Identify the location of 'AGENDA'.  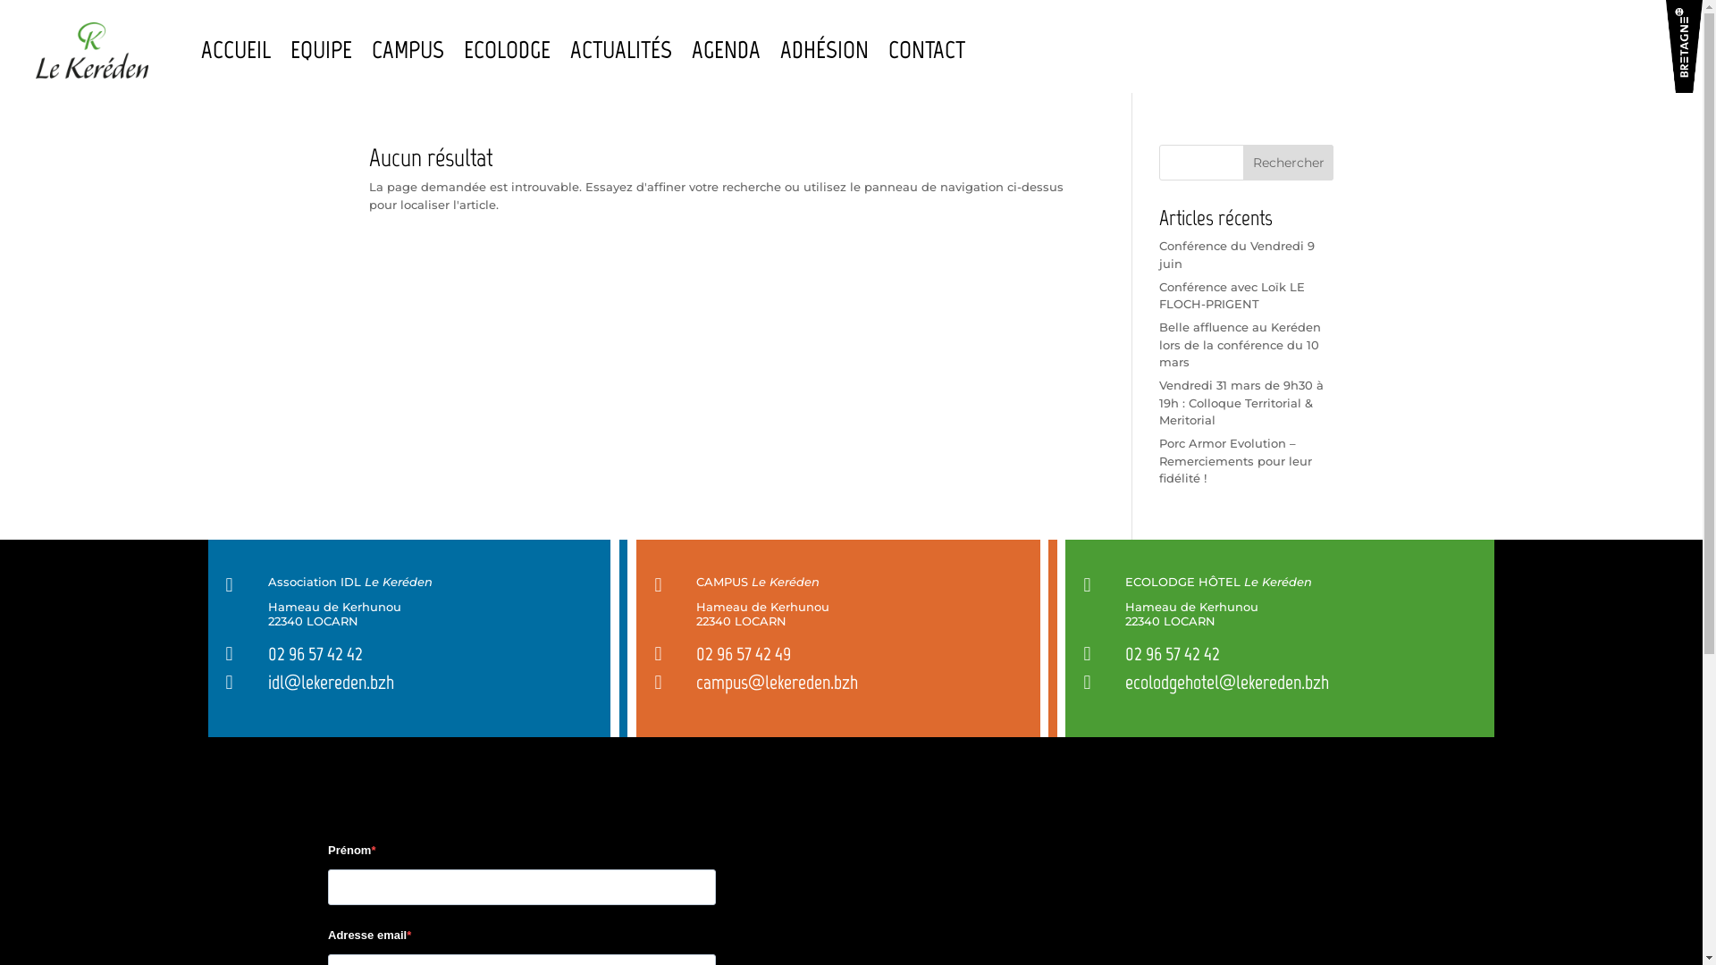
(726, 49).